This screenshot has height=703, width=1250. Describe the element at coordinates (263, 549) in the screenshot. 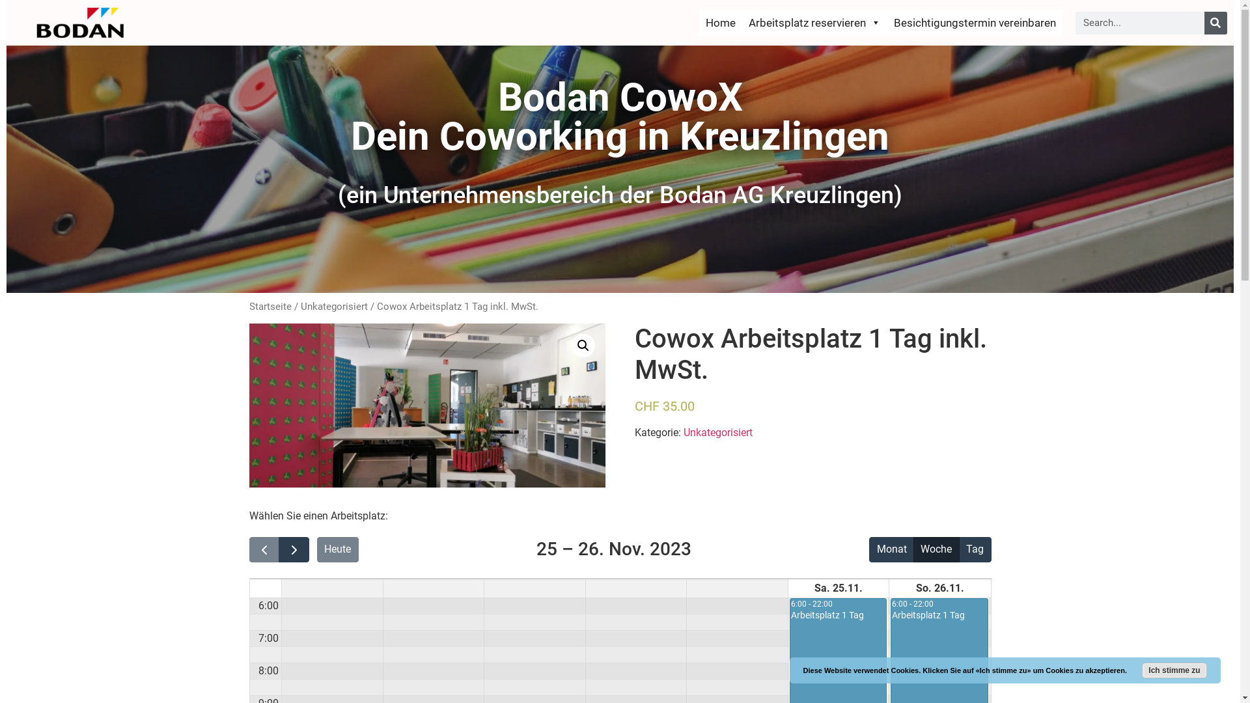

I see `'Vorherige Woche'` at that location.